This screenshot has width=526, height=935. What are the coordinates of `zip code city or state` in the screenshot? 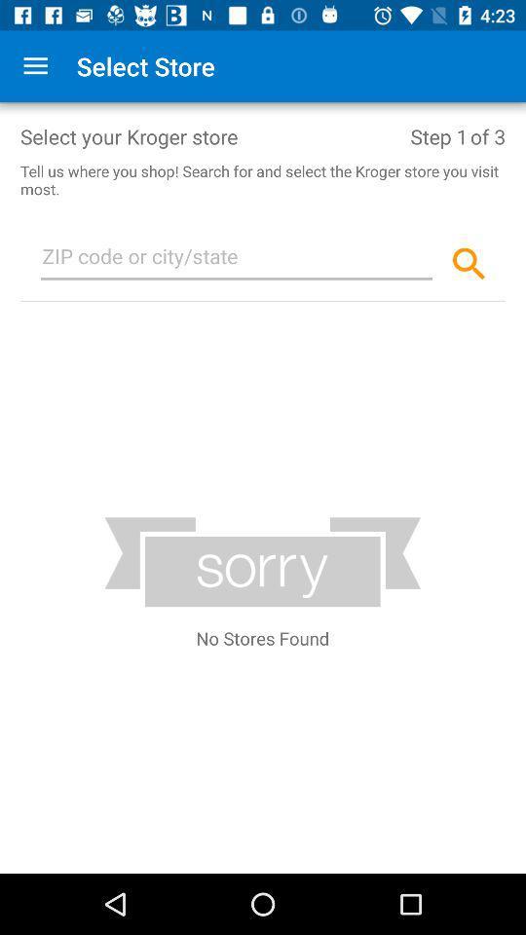 It's located at (237, 259).